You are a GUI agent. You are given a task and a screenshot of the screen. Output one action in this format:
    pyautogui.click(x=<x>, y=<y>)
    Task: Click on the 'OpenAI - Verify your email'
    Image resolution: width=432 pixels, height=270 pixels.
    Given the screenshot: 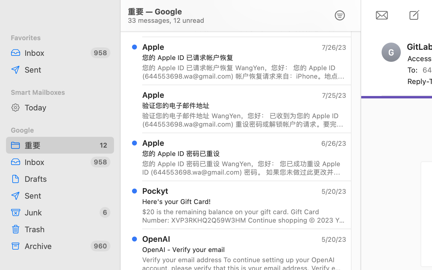 What is the action you would take?
    pyautogui.click(x=241, y=249)
    